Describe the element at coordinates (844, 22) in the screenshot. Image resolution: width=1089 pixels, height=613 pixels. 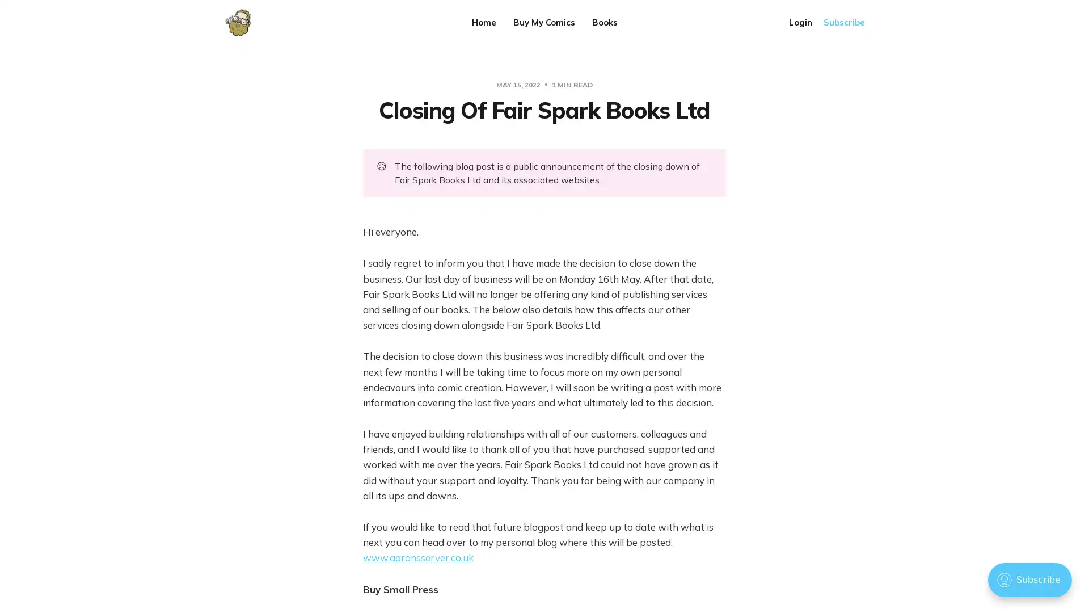
I see `Subscribe` at that location.